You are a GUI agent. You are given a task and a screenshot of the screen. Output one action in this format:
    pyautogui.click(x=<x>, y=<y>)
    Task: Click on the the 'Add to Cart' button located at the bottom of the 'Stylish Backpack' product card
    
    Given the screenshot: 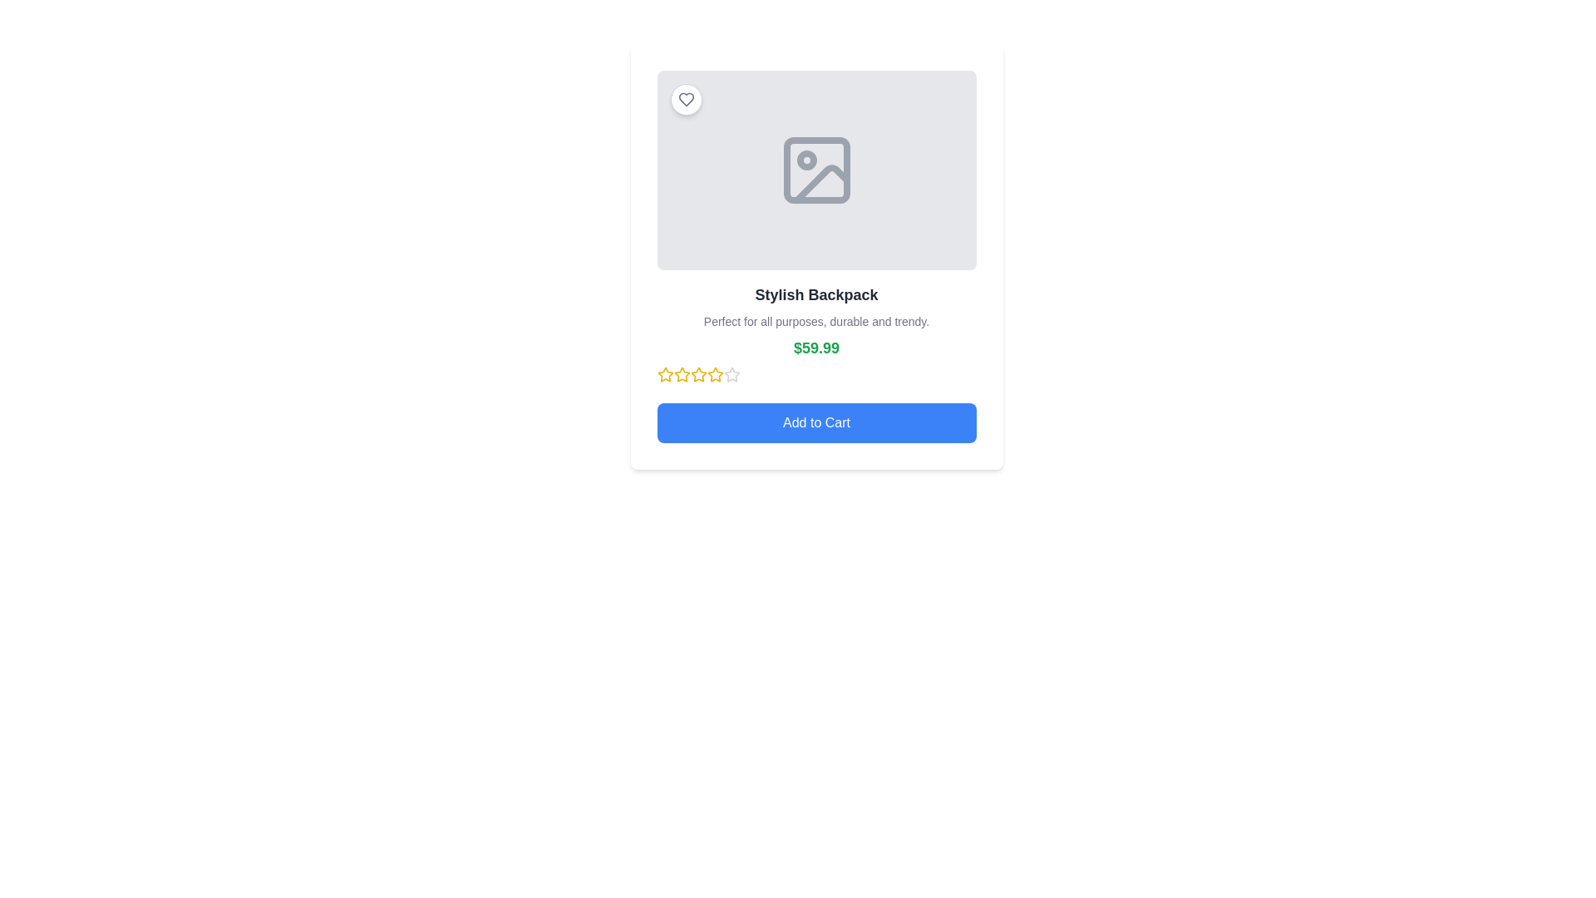 What is the action you would take?
    pyautogui.click(x=816, y=422)
    